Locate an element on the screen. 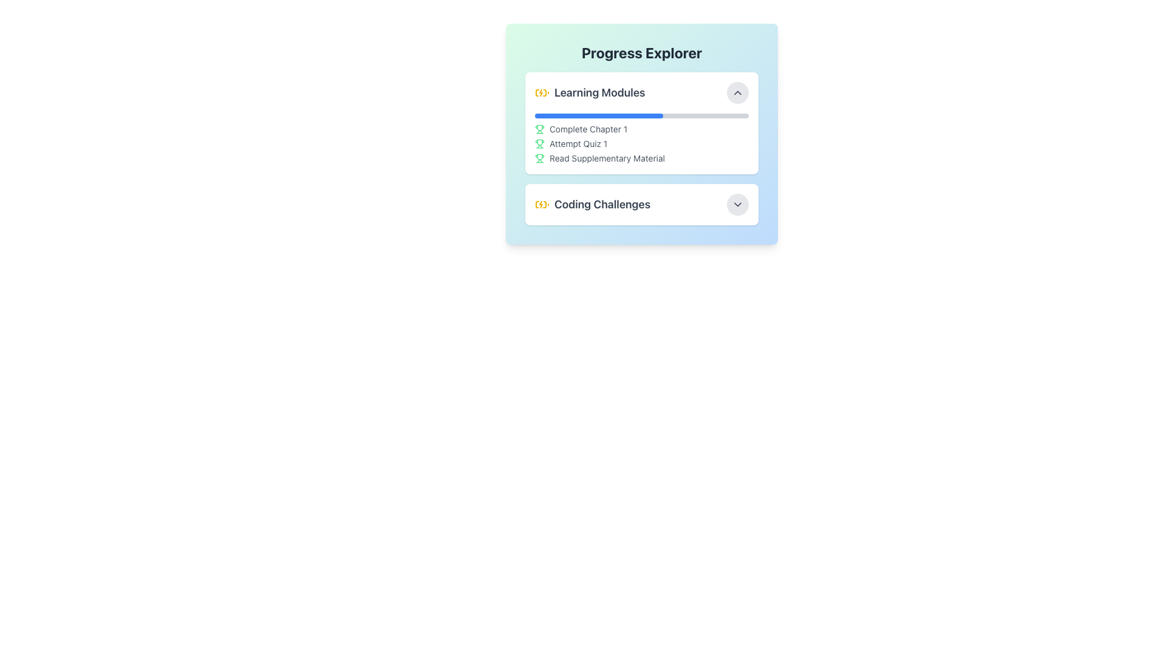  the 'Coding Challenges' list item within the collapsible menu is located at coordinates (641, 203).